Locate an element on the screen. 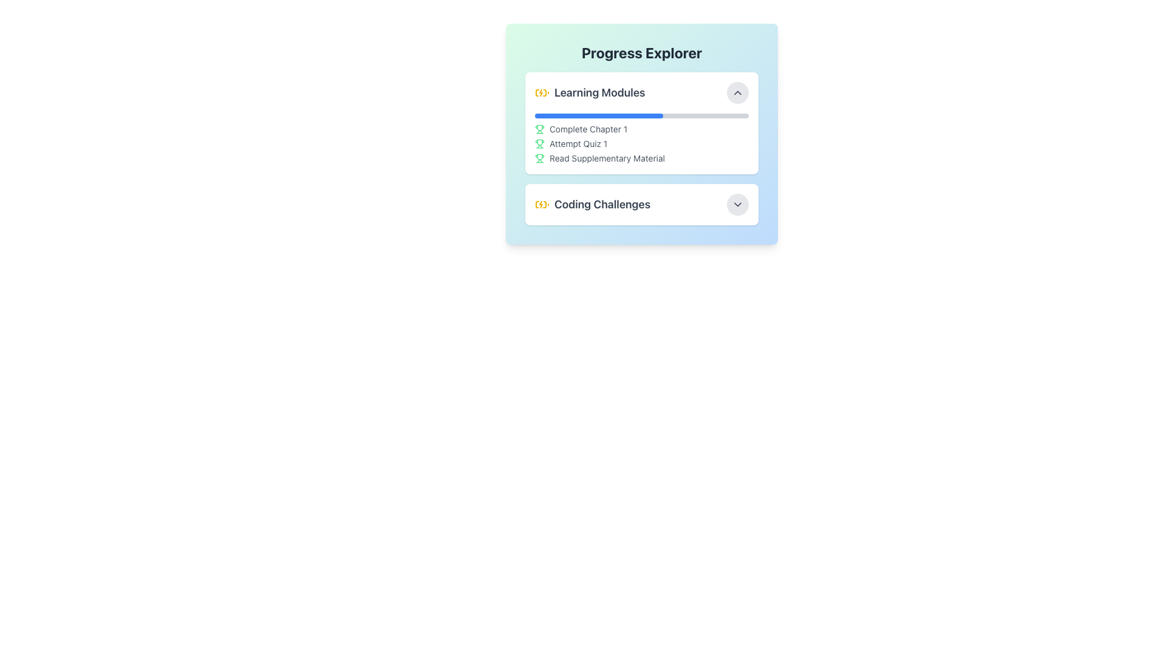  the 'Coding Challenges' list item within the collapsible menu is located at coordinates (641, 203).